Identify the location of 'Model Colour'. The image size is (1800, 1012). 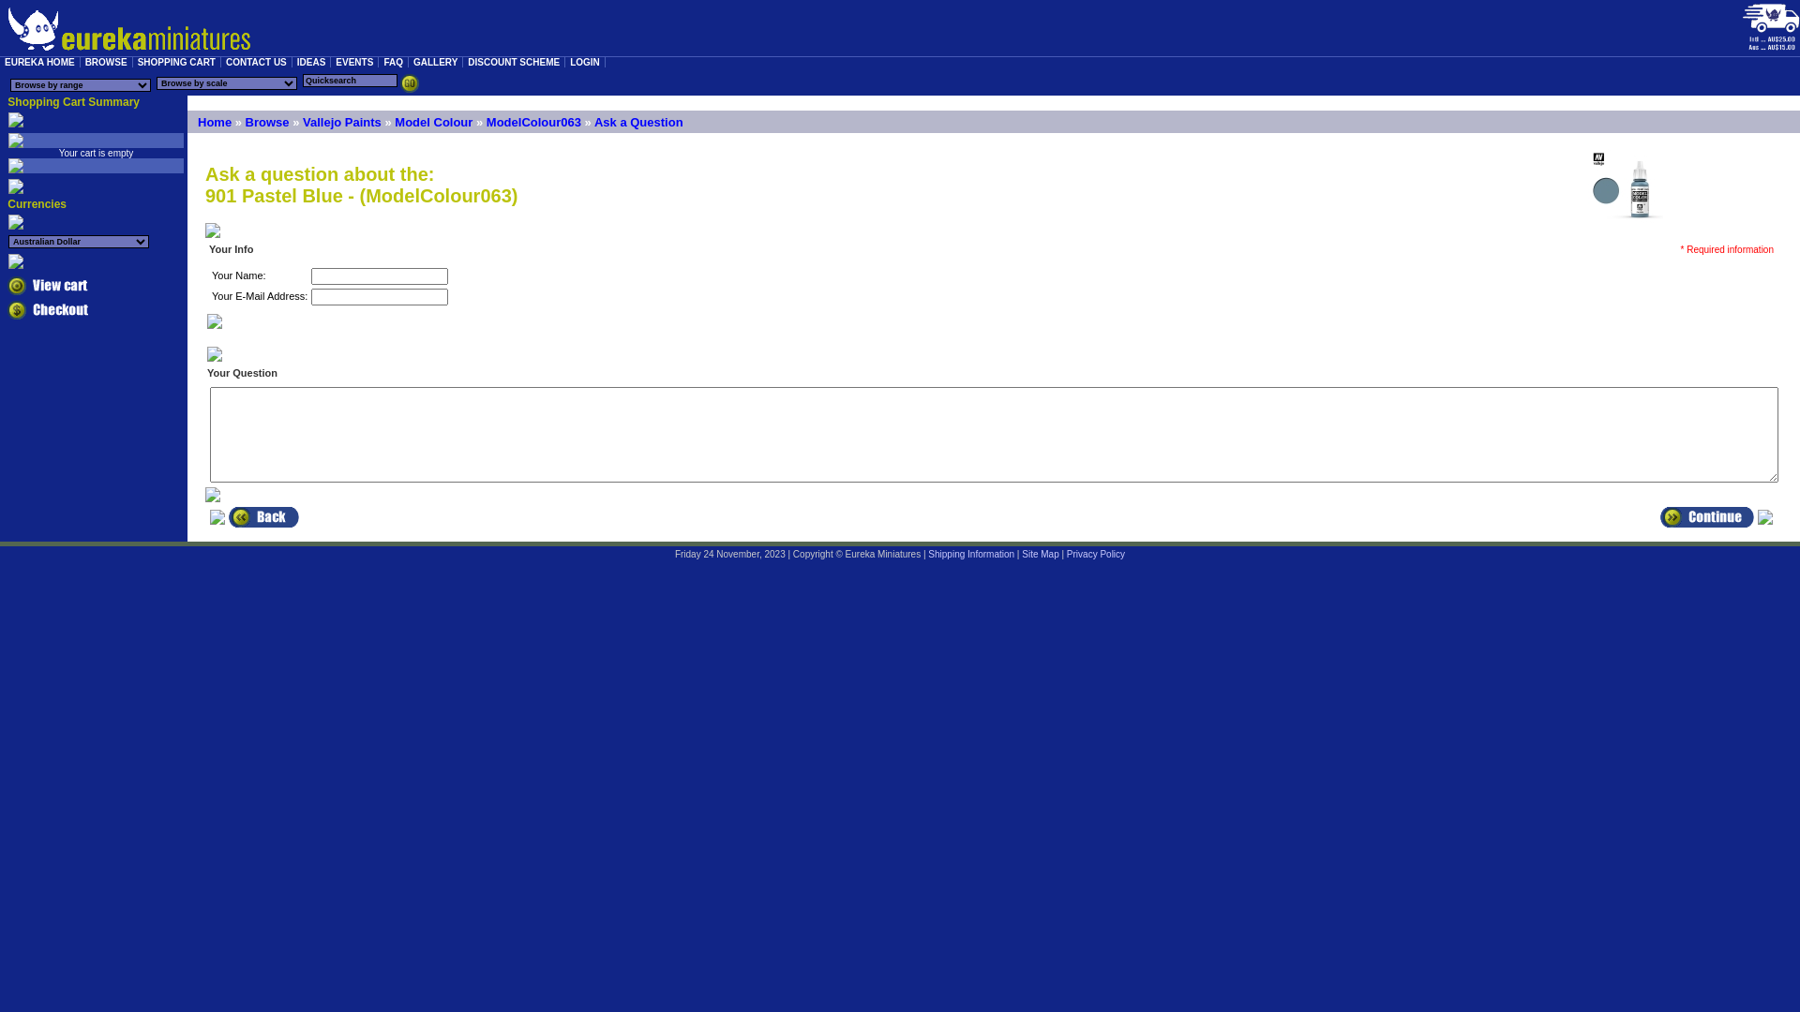
(432, 121).